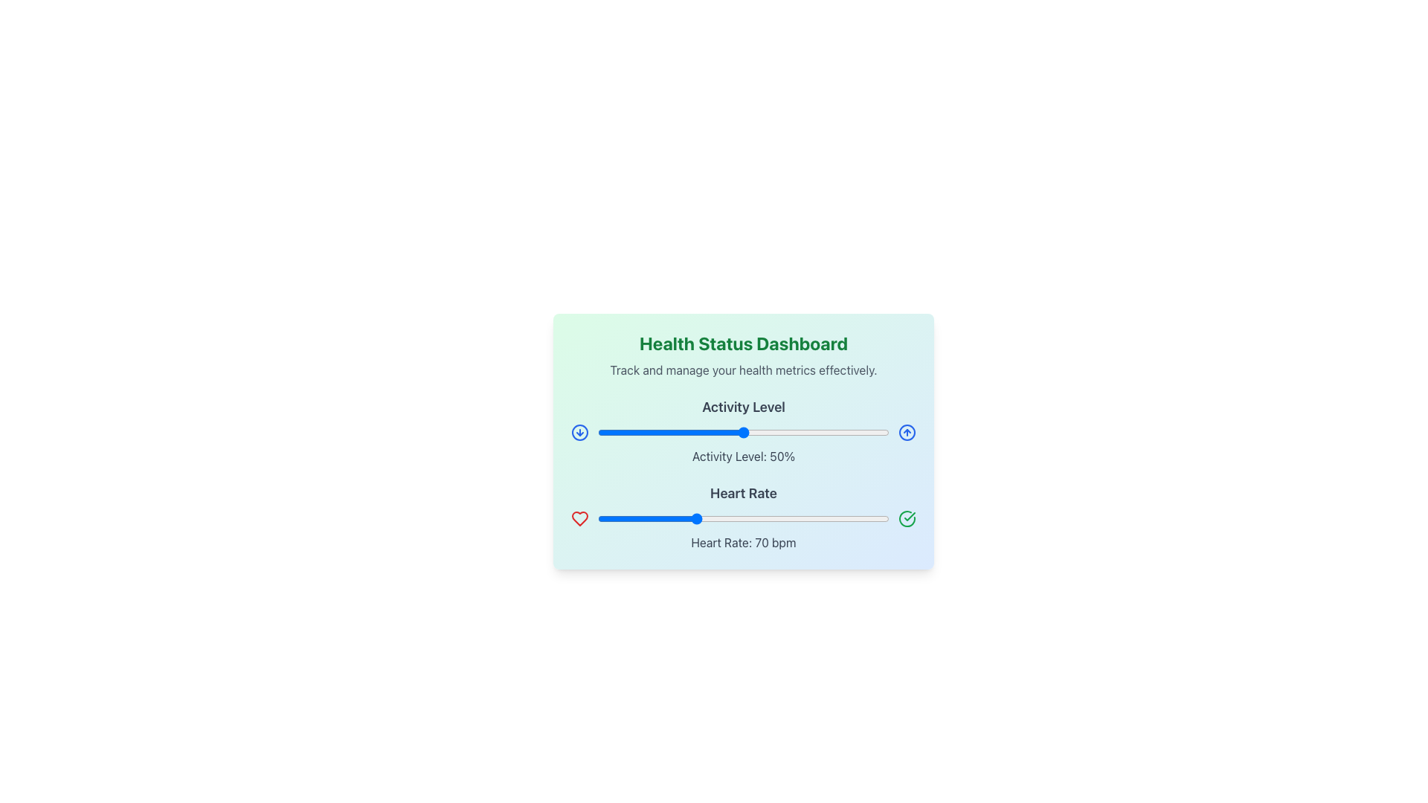 This screenshot has height=803, width=1428. What do you see at coordinates (743, 369) in the screenshot?
I see `the informative text displaying the message 'Track and manage your health metrics effectively.' which is styled in gray and positioned below the 'Health Status Dashboard' header` at bounding box center [743, 369].